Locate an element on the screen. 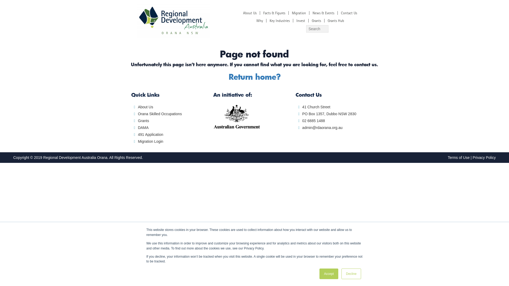 The image size is (509, 286). 'Return home?' is located at coordinates (254, 77).